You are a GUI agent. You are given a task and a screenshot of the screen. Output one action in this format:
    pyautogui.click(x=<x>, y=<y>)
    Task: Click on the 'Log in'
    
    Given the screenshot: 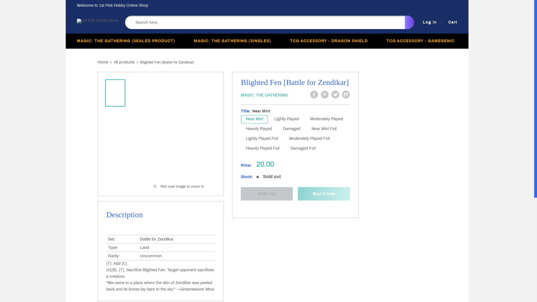 What is the action you would take?
    pyautogui.click(x=428, y=22)
    